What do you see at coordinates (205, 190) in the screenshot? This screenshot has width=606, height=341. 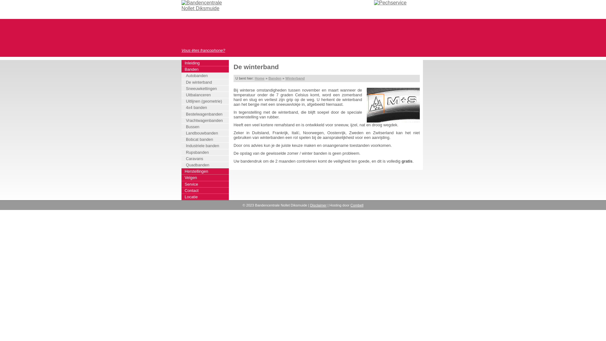 I see `'Contact'` at bounding box center [205, 190].